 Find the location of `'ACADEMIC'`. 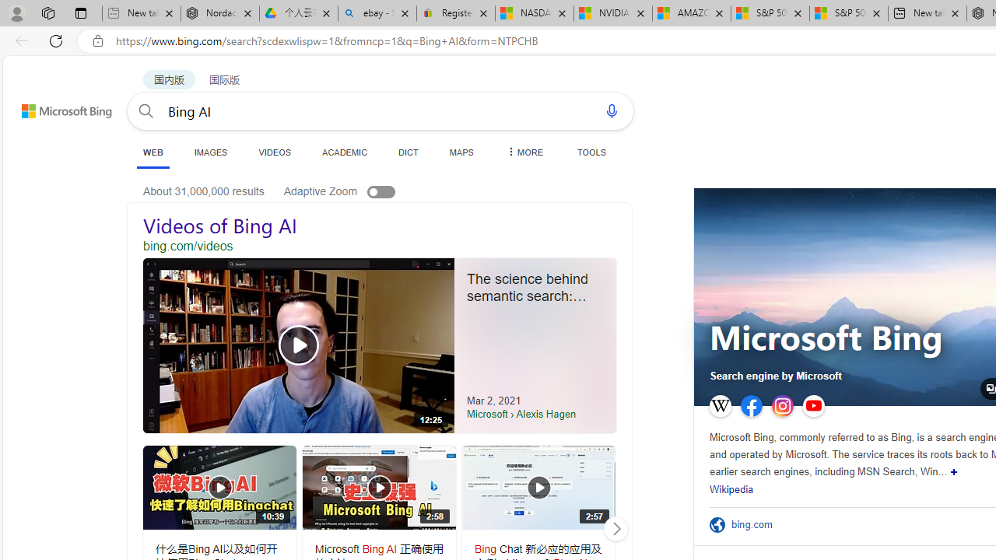

'ACADEMIC' is located at coordinates (344, 152).